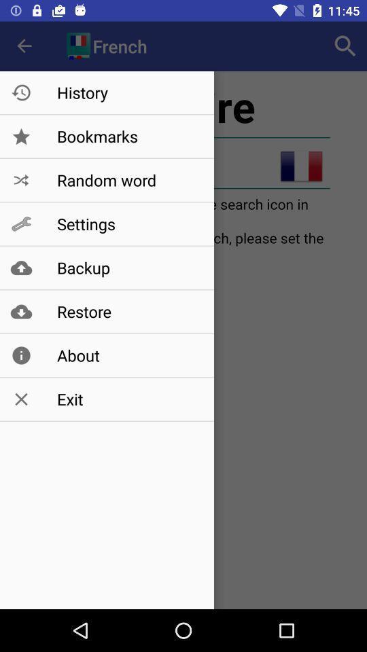 This screenshot has height=652, width=367. Describe the element at coordinates (128, 311) in the screenshot. I see `the restore` at that location.